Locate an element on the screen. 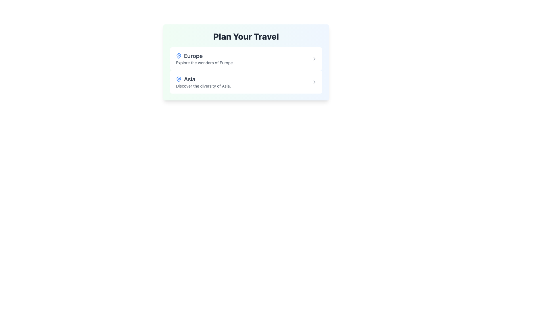 This screenshot has height=310, width=552. the chevron icon located at the far right of the 'Europe' section in the 'Plan Your Travel' interface is located at coordinates (314, 59).